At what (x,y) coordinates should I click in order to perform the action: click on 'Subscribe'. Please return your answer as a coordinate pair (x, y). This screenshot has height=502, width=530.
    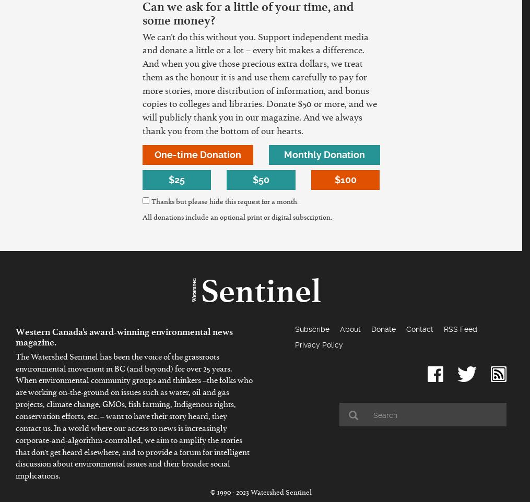
    Looking at the image, I should click on (295, 329).